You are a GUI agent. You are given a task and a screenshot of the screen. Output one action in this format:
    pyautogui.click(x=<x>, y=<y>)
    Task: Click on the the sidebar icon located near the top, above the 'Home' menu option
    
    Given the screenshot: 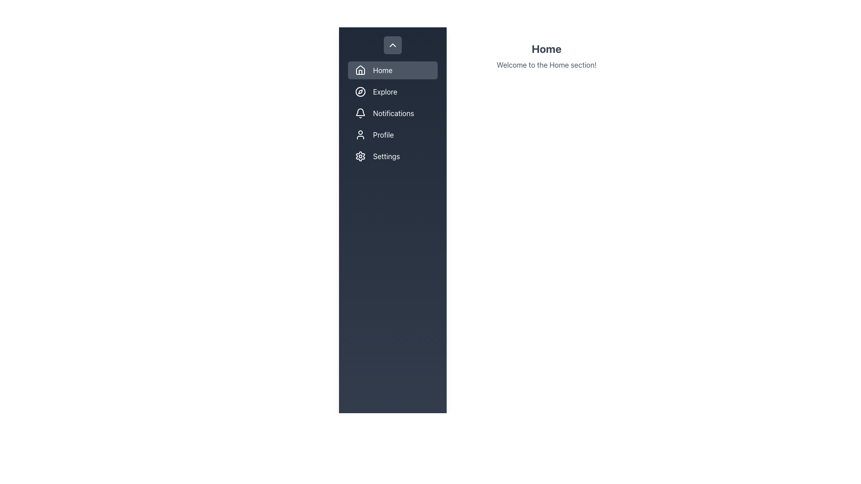 What is the action you would take?
    pyautogui.click(x=392, y=45)
    